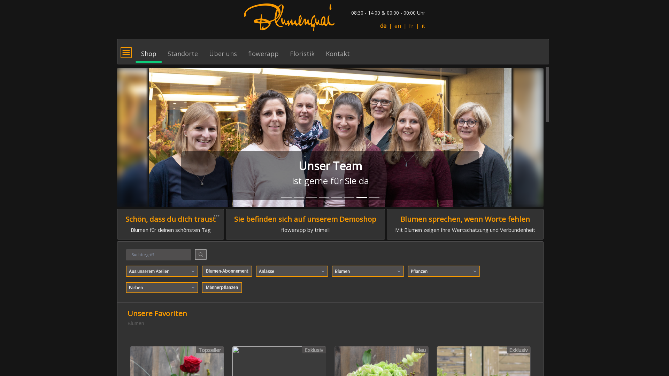 The width and height of the screenshot is (669, 376). What do you see at coordinates (162, 287) in the screenshot?
I see `'Farben'` at bounding box center [162, 287].